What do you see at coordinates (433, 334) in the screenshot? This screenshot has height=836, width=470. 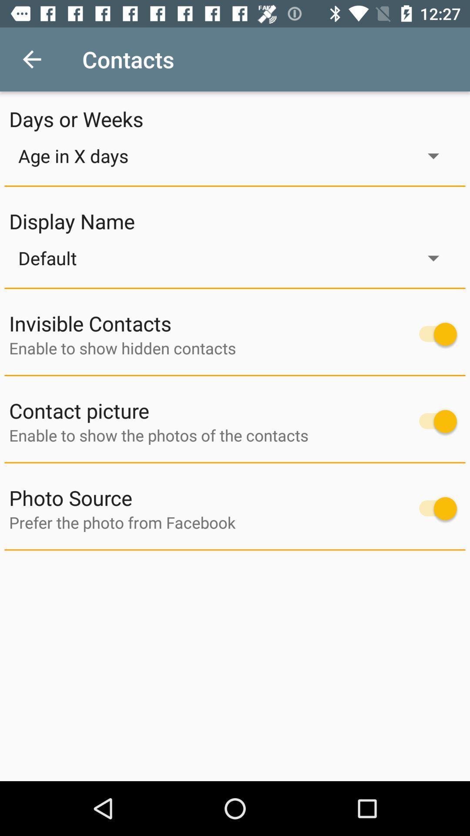 I see `invisible contacts switch option` at bounding box center [433, 334].